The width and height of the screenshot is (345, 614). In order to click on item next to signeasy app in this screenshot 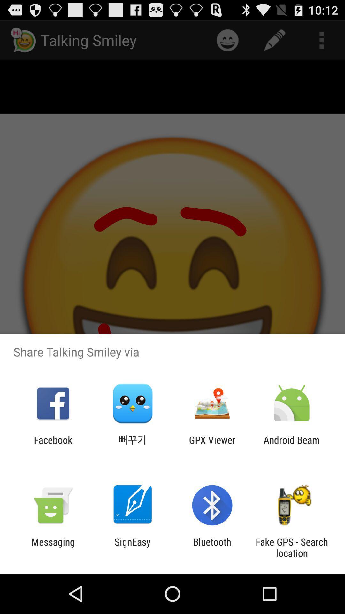, I will do `click(212, 547)`.